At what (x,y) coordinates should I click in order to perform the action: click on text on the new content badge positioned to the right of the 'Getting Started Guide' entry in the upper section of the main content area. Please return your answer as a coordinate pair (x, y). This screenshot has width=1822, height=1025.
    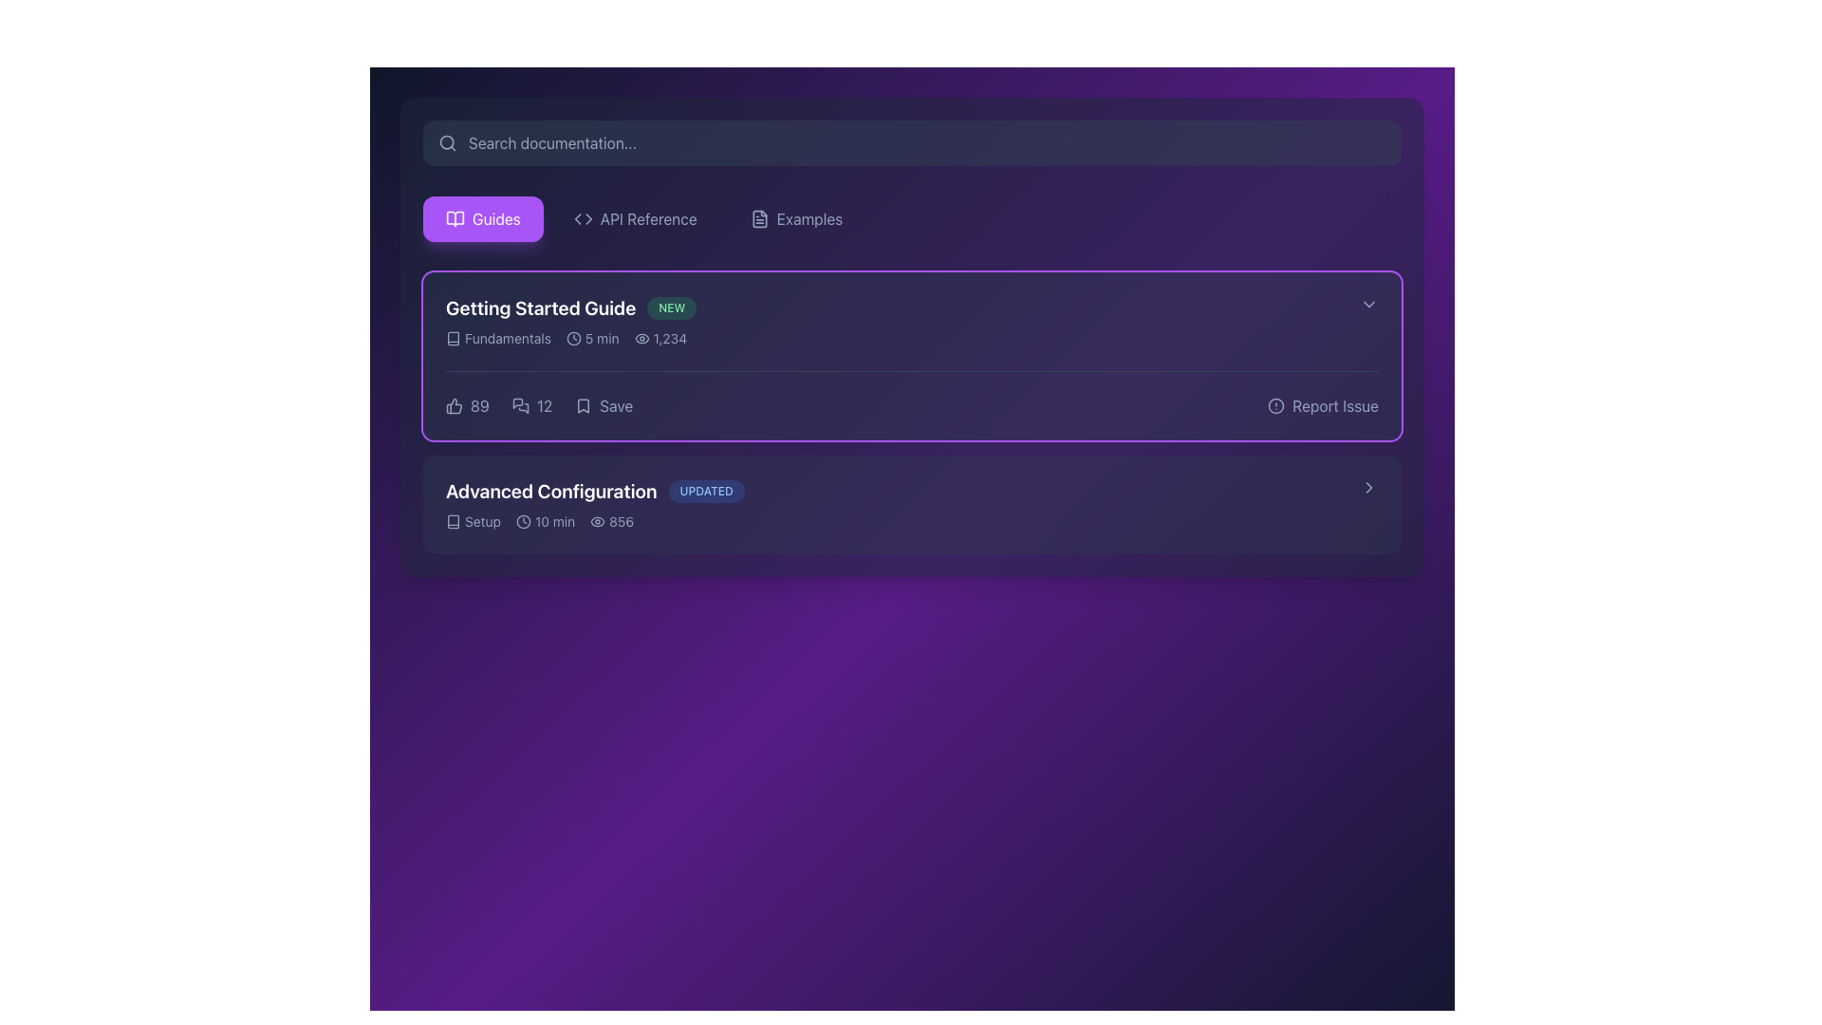
    Looking at the image, I should click on (672, 307).